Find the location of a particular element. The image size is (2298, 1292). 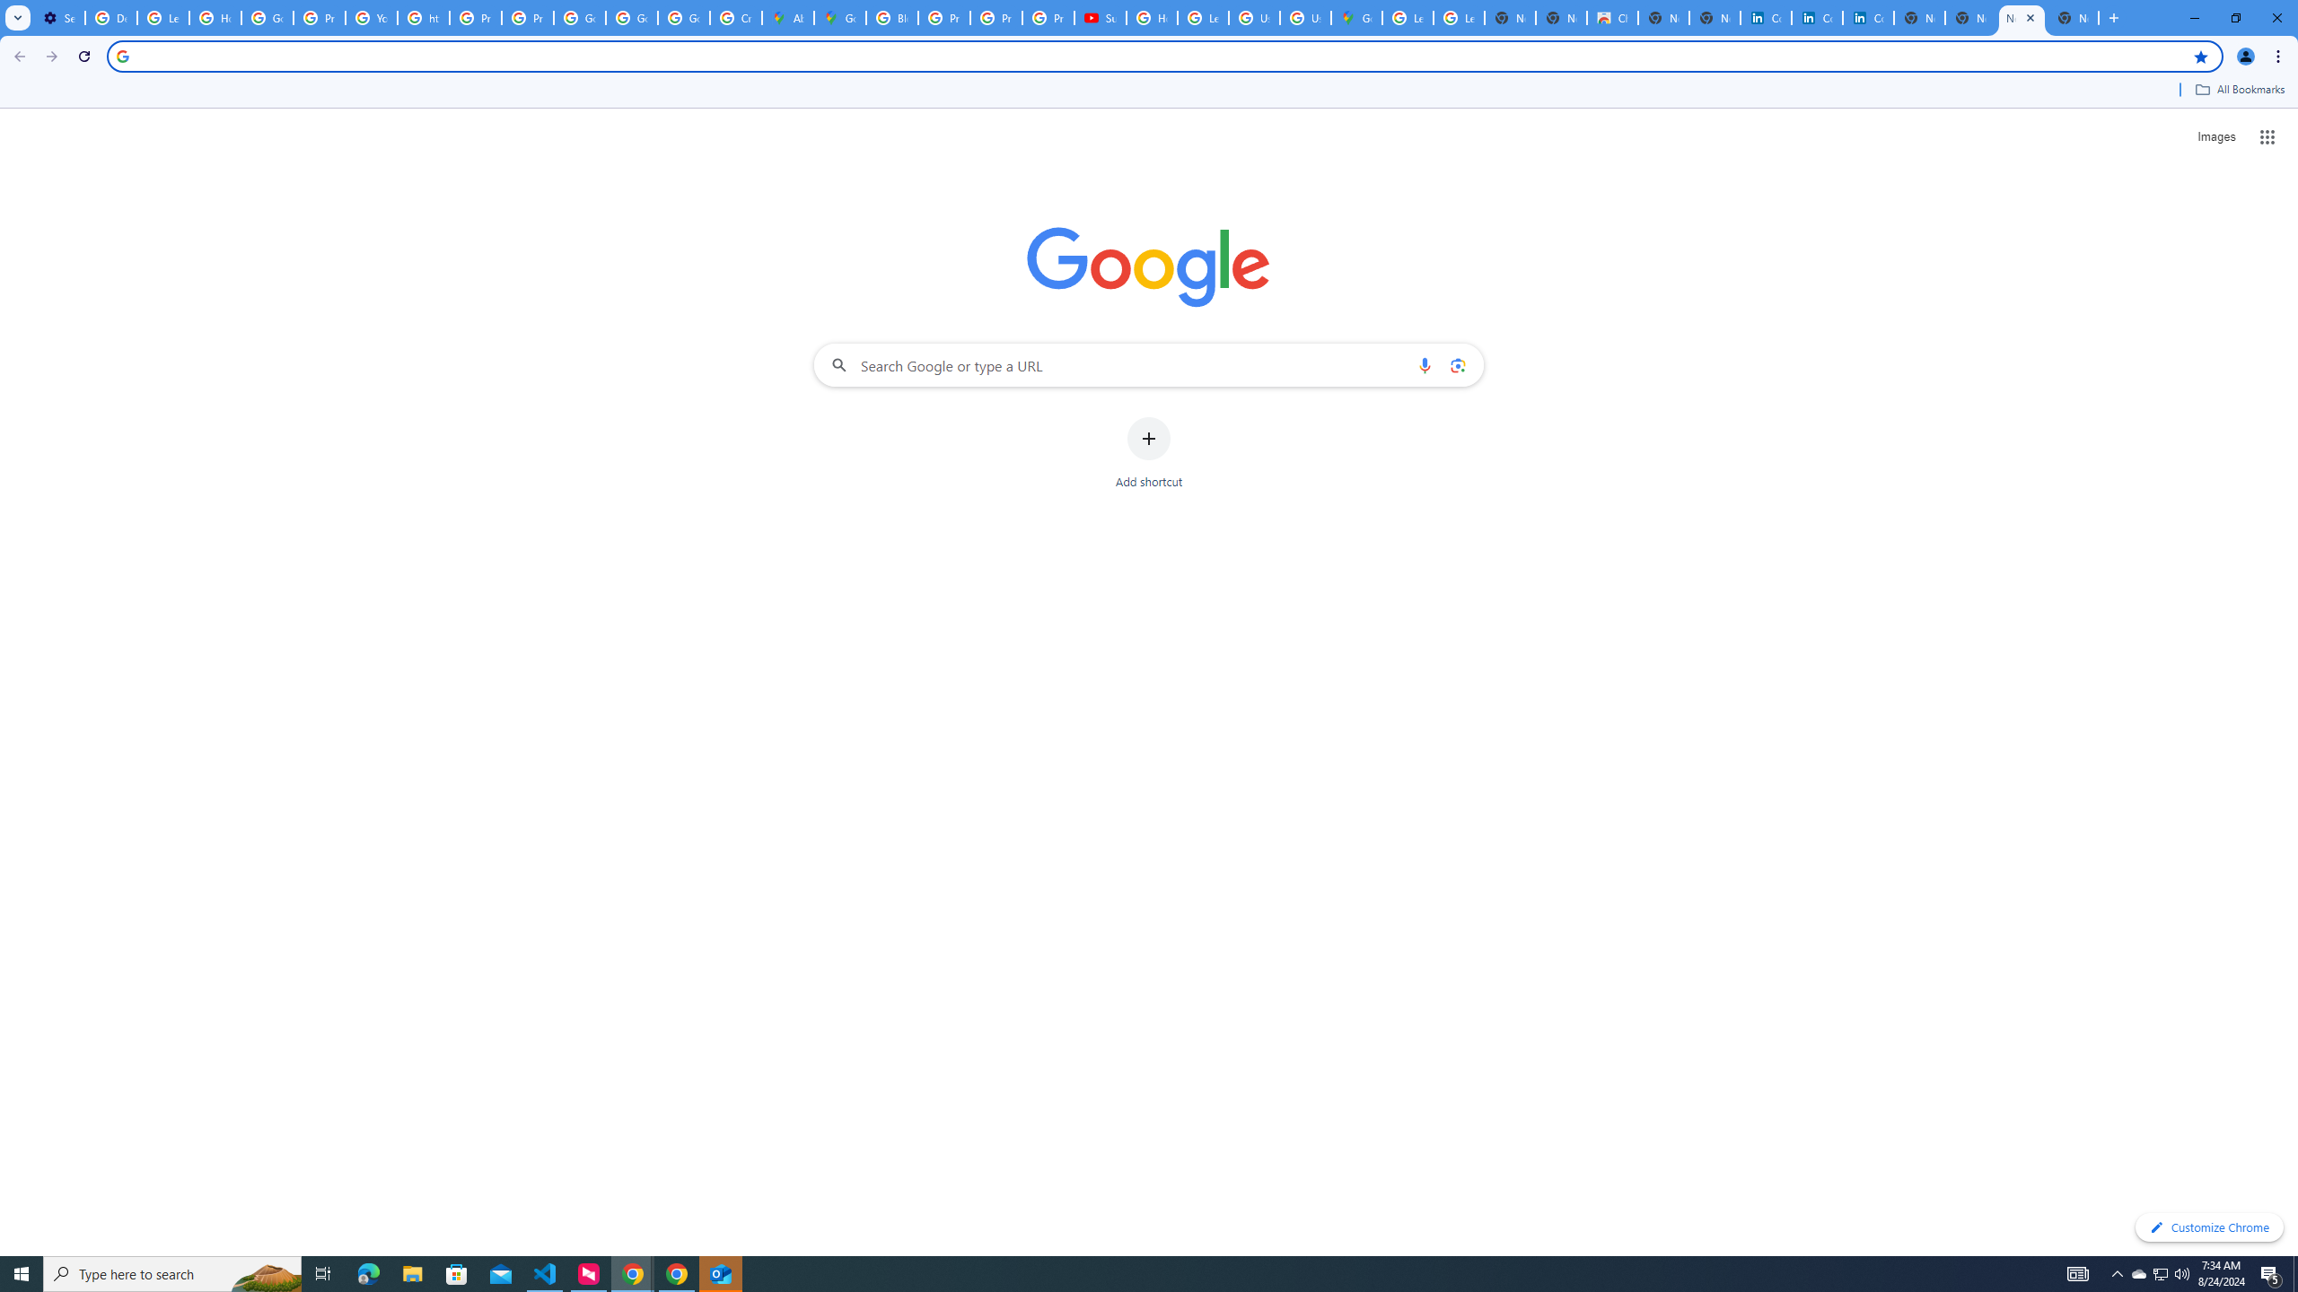

'How Chrome protects your passwords - Google Chrome Help' is located at coordinates (1152, 17).